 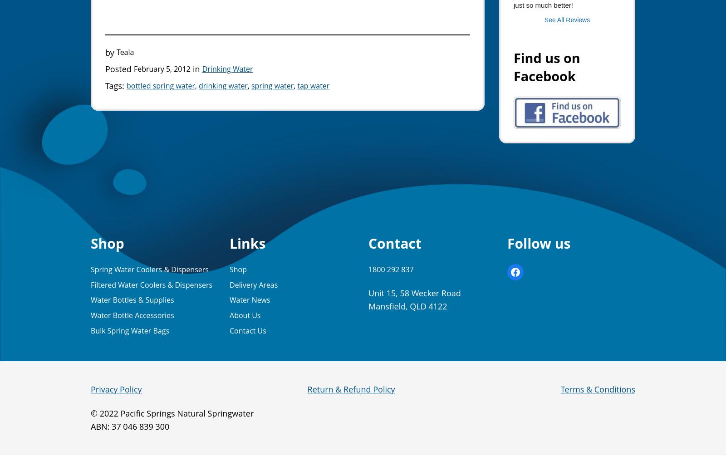 What do you see at coordinates (539, 243) in the screenshot?
I see `'Follow us'` at bounding box center [539, 243].